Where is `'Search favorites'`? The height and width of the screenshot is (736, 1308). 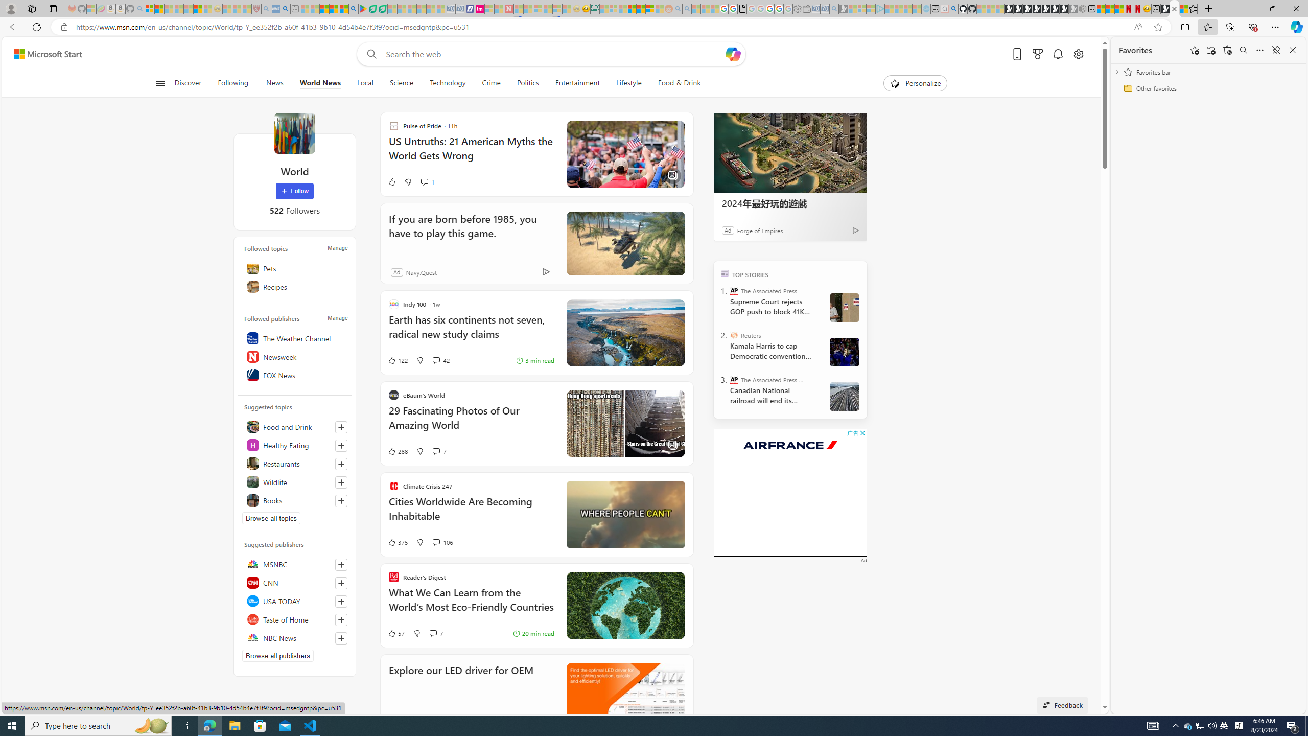 'Search favorites' is located at coordinates (1243, 49).